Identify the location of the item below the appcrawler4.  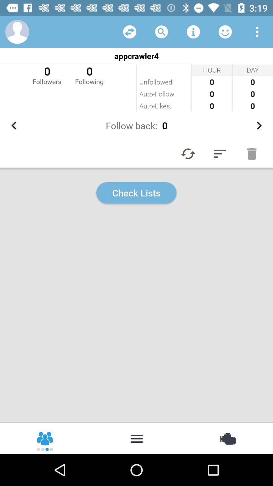
(89, 75).